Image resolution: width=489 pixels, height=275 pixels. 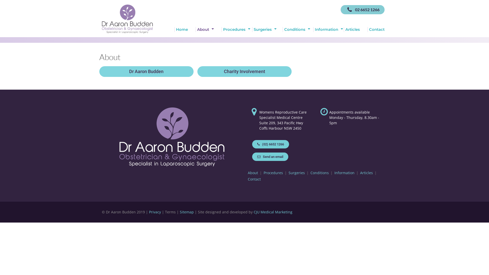 I want to click on 'Articles', so click(x=366, y=172).